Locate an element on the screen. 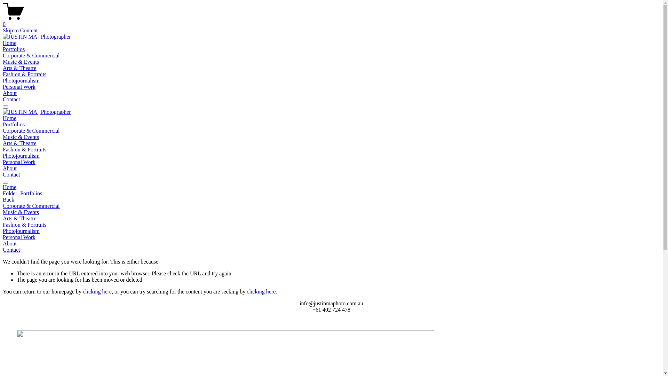  'Home' is located at coordinates (331, 187).